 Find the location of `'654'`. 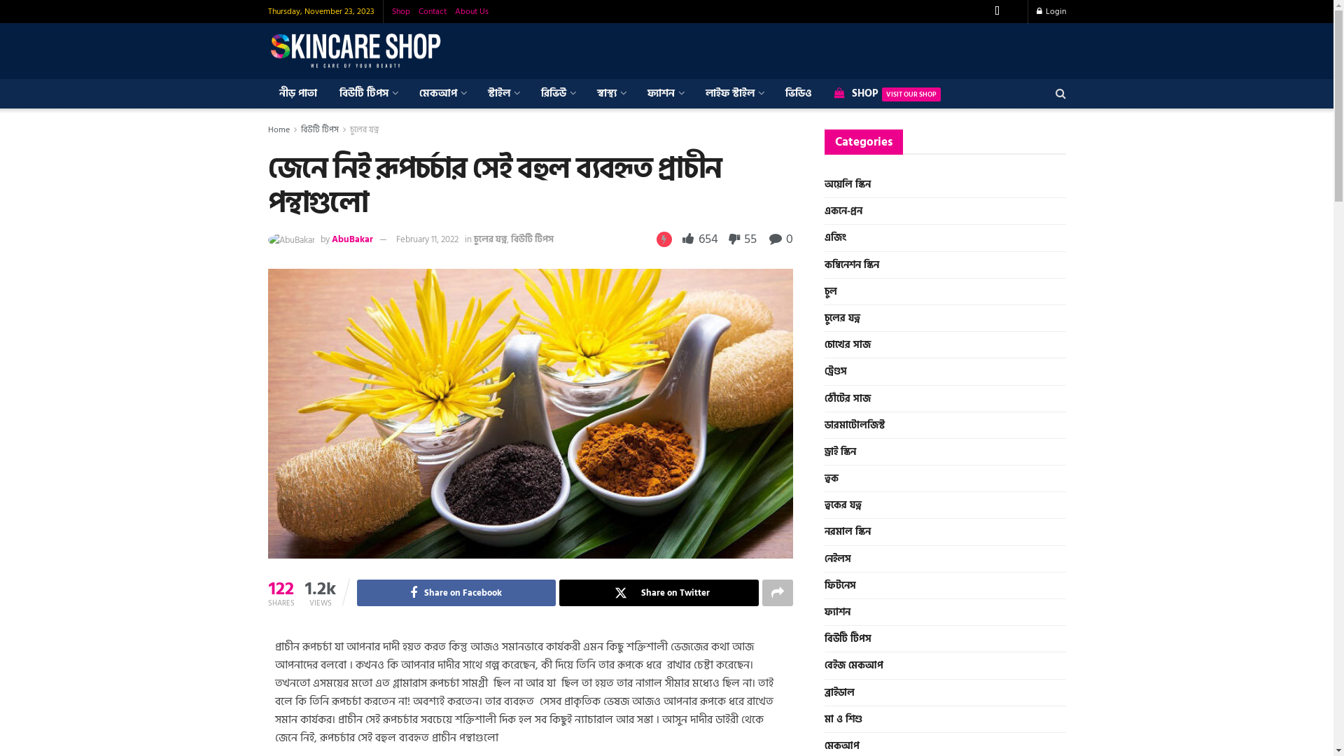

'654' is located at coordinates (682, 238).